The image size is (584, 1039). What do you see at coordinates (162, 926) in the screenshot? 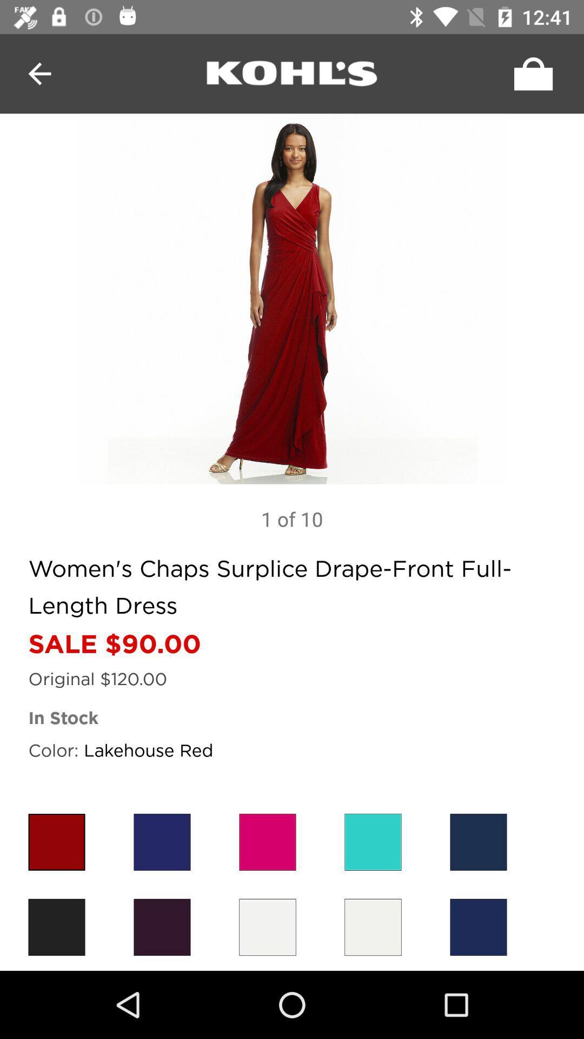
I see `dress color violet` at bounding box center [162, 926].